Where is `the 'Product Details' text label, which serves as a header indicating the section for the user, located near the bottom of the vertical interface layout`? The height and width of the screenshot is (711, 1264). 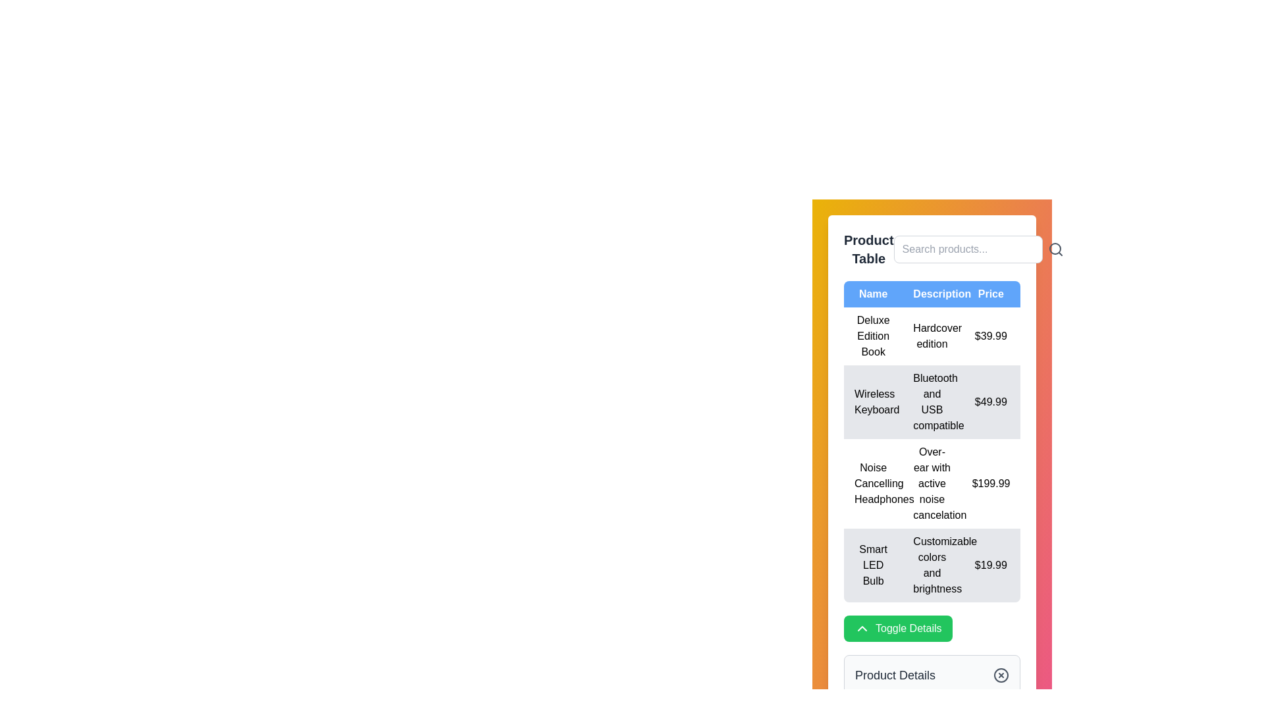
the 'Product Details' text label, which serves as a header indicating the section for the user, located near the bottom of the vertical interface layout is located at coordinates (895, 675).